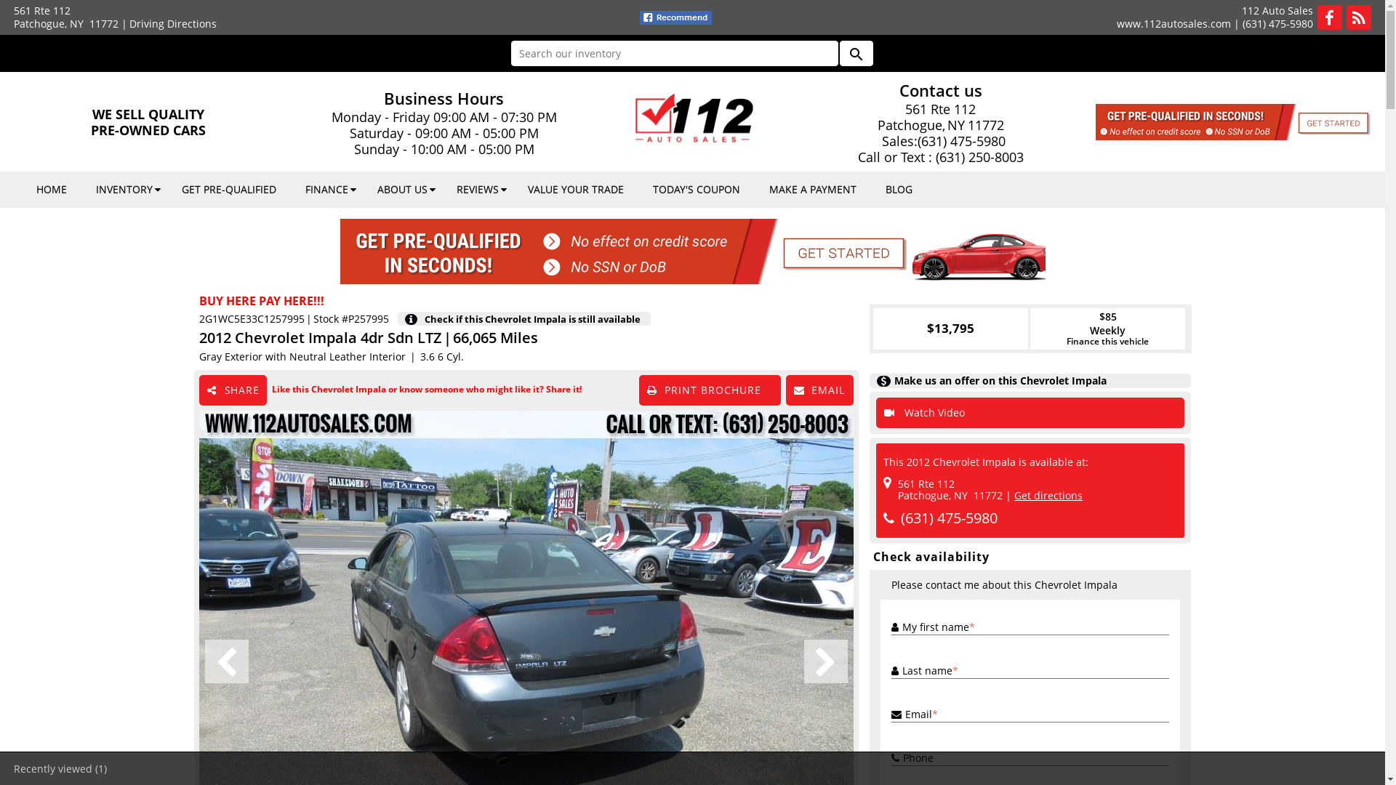 The width and height of the screenshot is (1396, 785). What do you see at coordinates (478, 189) in the screenshot?
I see `'REVIEWS'` at bounding box center [478, 189].